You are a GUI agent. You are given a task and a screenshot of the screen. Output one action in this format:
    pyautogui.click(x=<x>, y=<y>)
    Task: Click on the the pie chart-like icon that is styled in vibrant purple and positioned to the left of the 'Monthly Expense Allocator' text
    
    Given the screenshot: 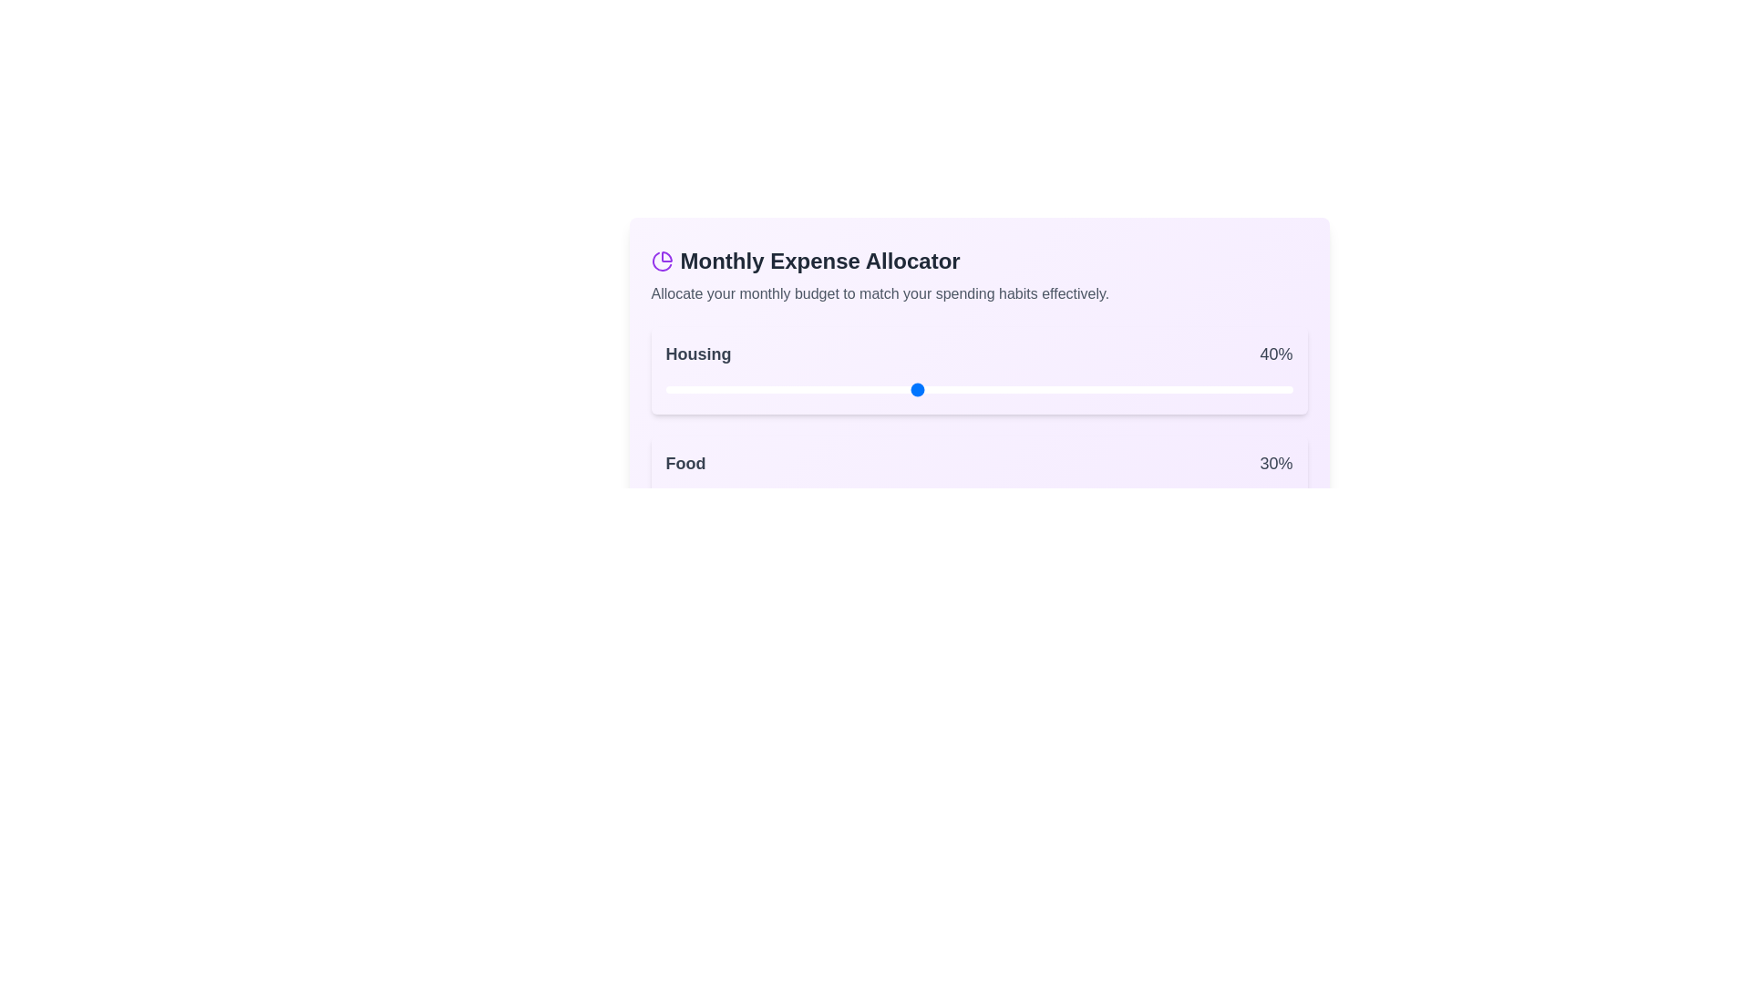 What is the action you would take?
    pyautogui.click(x=661, y=261)
    